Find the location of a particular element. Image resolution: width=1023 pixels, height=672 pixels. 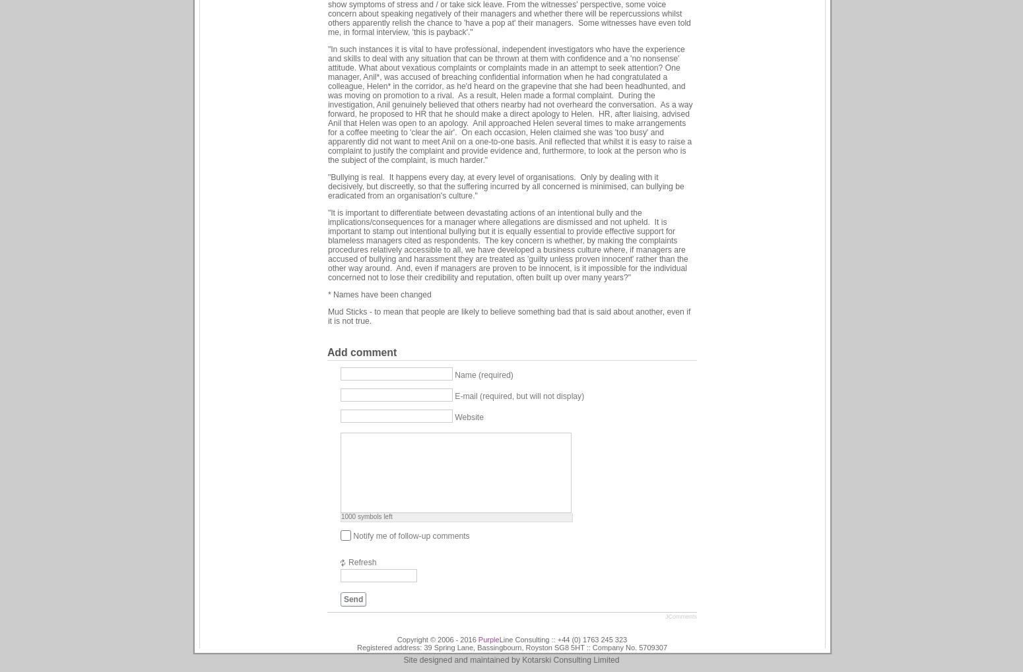

'Name (required)' is located at coordinates (483, 373).